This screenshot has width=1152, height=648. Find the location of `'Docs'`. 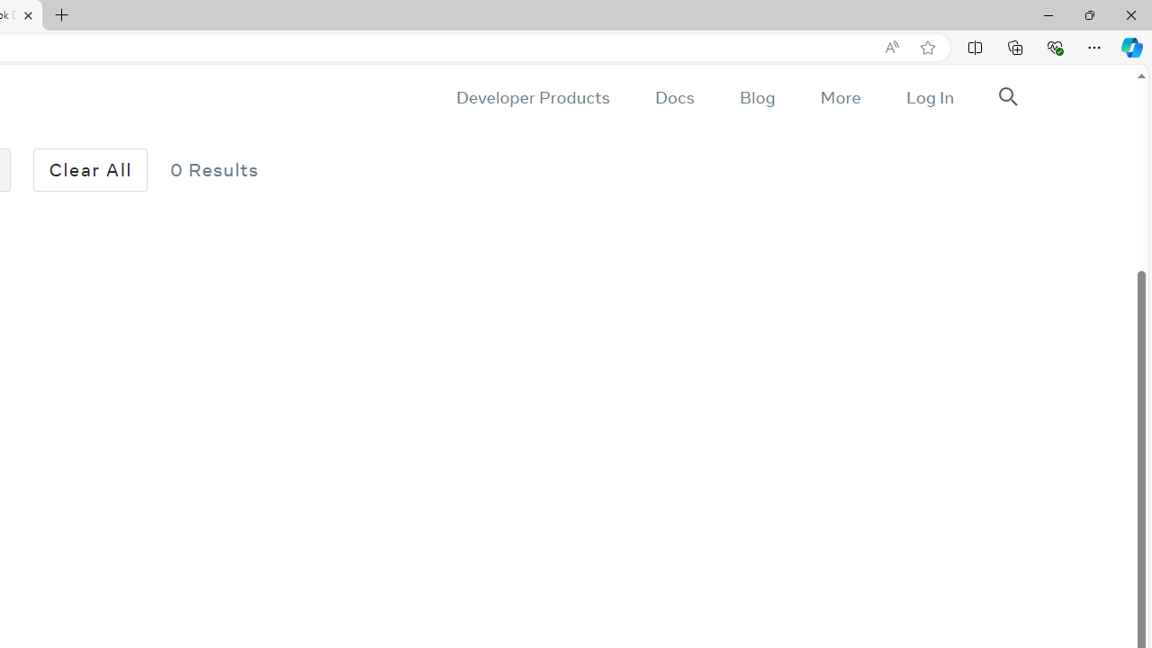

'Docs' is located at coordinates (673, 97).